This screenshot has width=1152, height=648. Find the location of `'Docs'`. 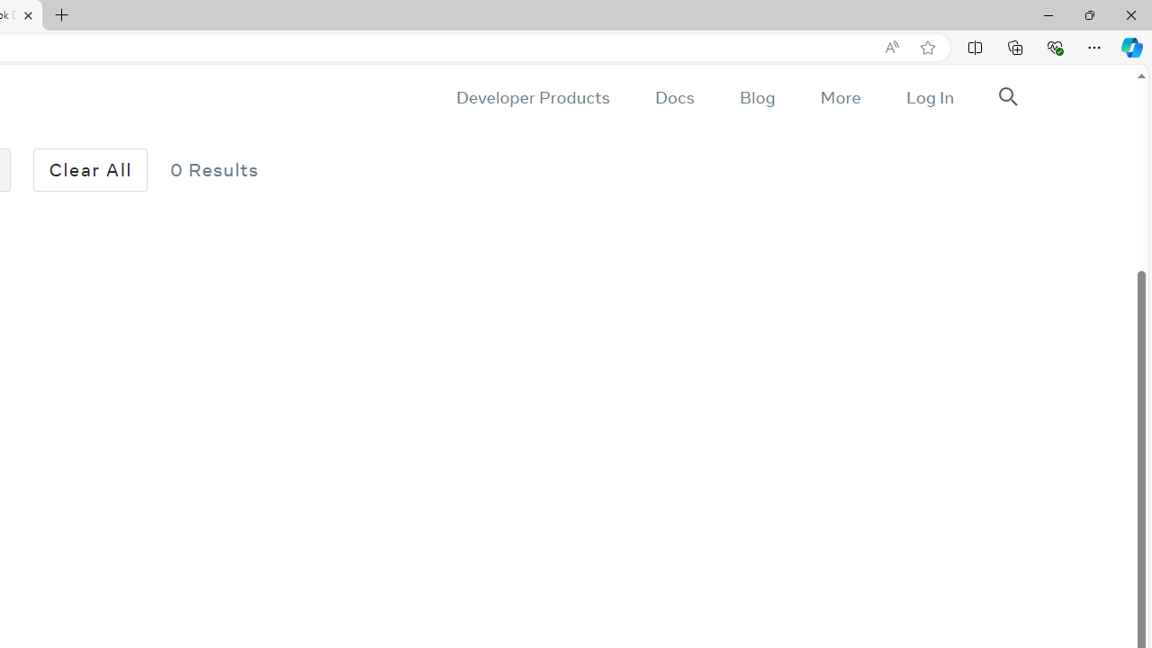

'Docs' is located at coordinates (673, 97).